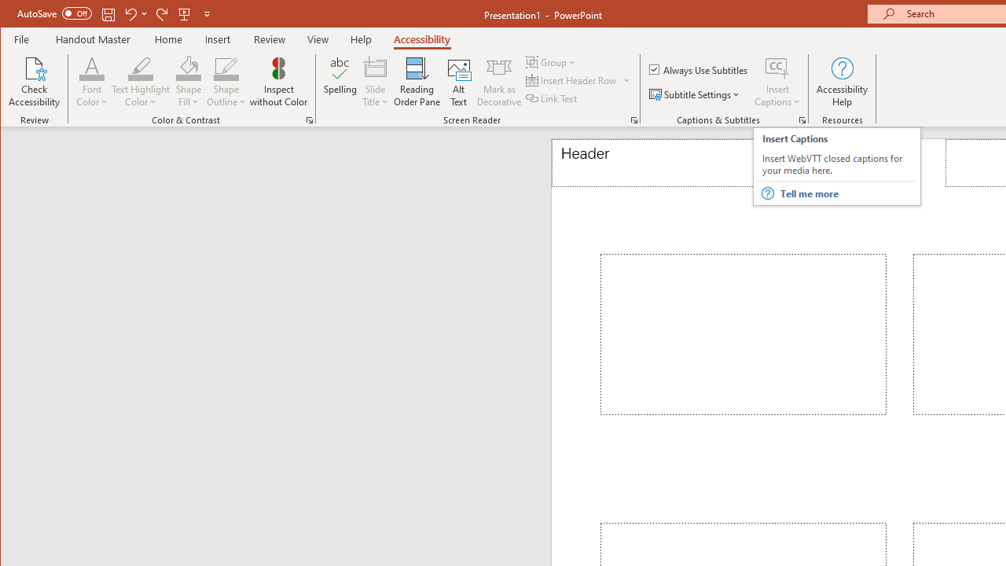 The width and height of the screenshot is (1006, 566). I want to click on 'Subtitle Settings', so click(695, 94).